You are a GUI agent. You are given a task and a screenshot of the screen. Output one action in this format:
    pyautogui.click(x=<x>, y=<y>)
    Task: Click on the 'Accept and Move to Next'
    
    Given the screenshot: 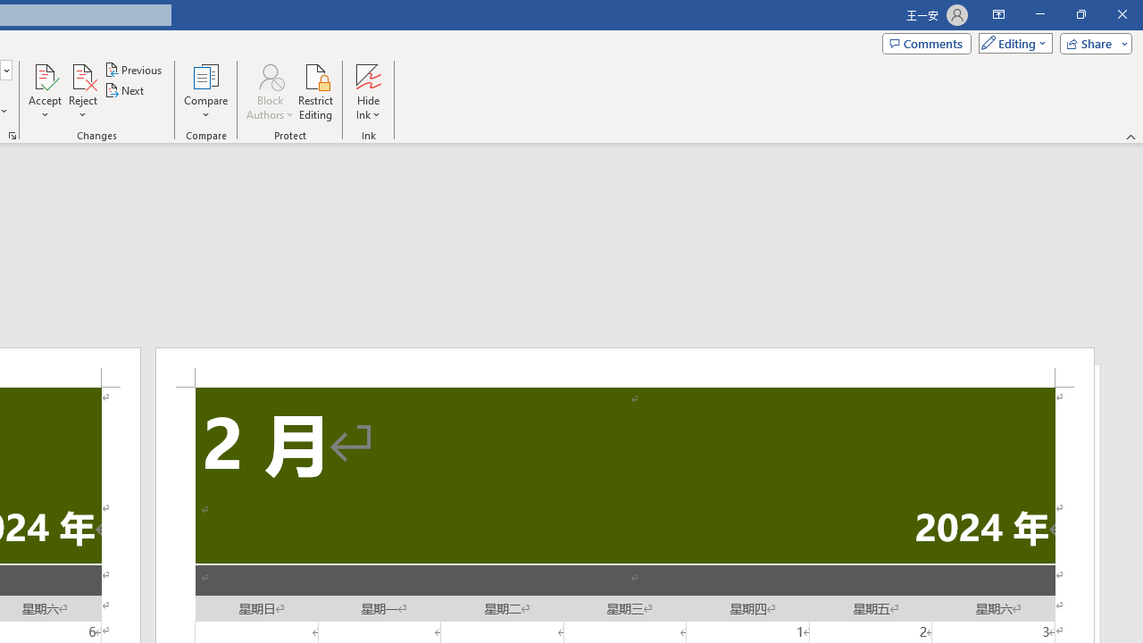 What is the action you would take?
    pyautogui.click(x=45, y=75)
    